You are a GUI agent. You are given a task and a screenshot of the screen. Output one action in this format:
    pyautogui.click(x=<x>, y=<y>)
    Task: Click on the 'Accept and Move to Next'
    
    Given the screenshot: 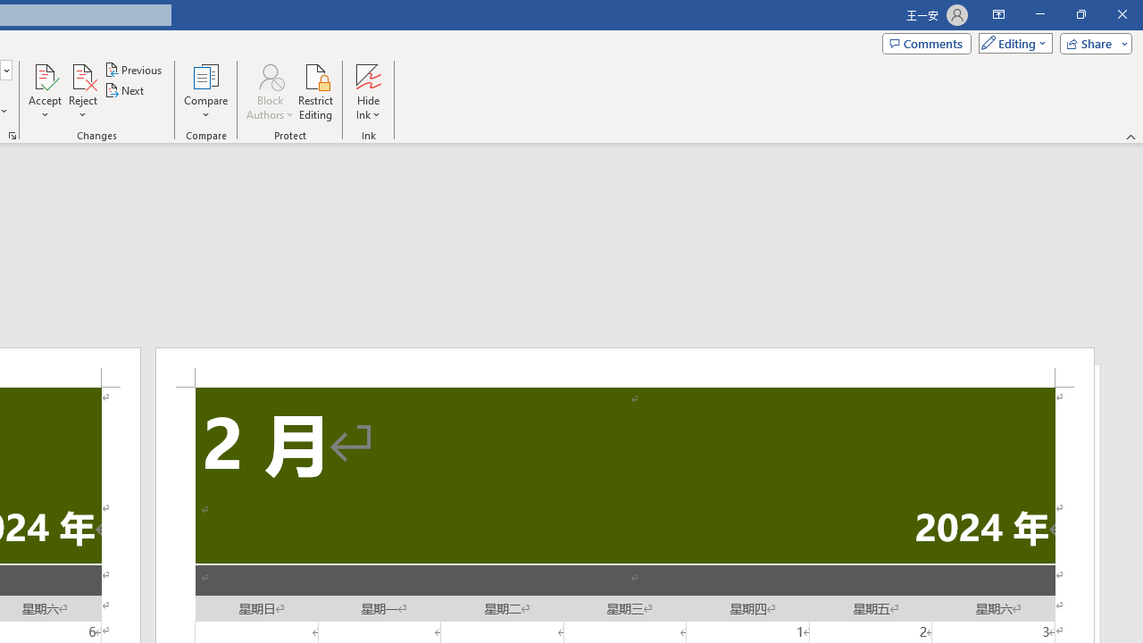 What is the action you would take?
    pyautogui.click(x=45, y=75)
    